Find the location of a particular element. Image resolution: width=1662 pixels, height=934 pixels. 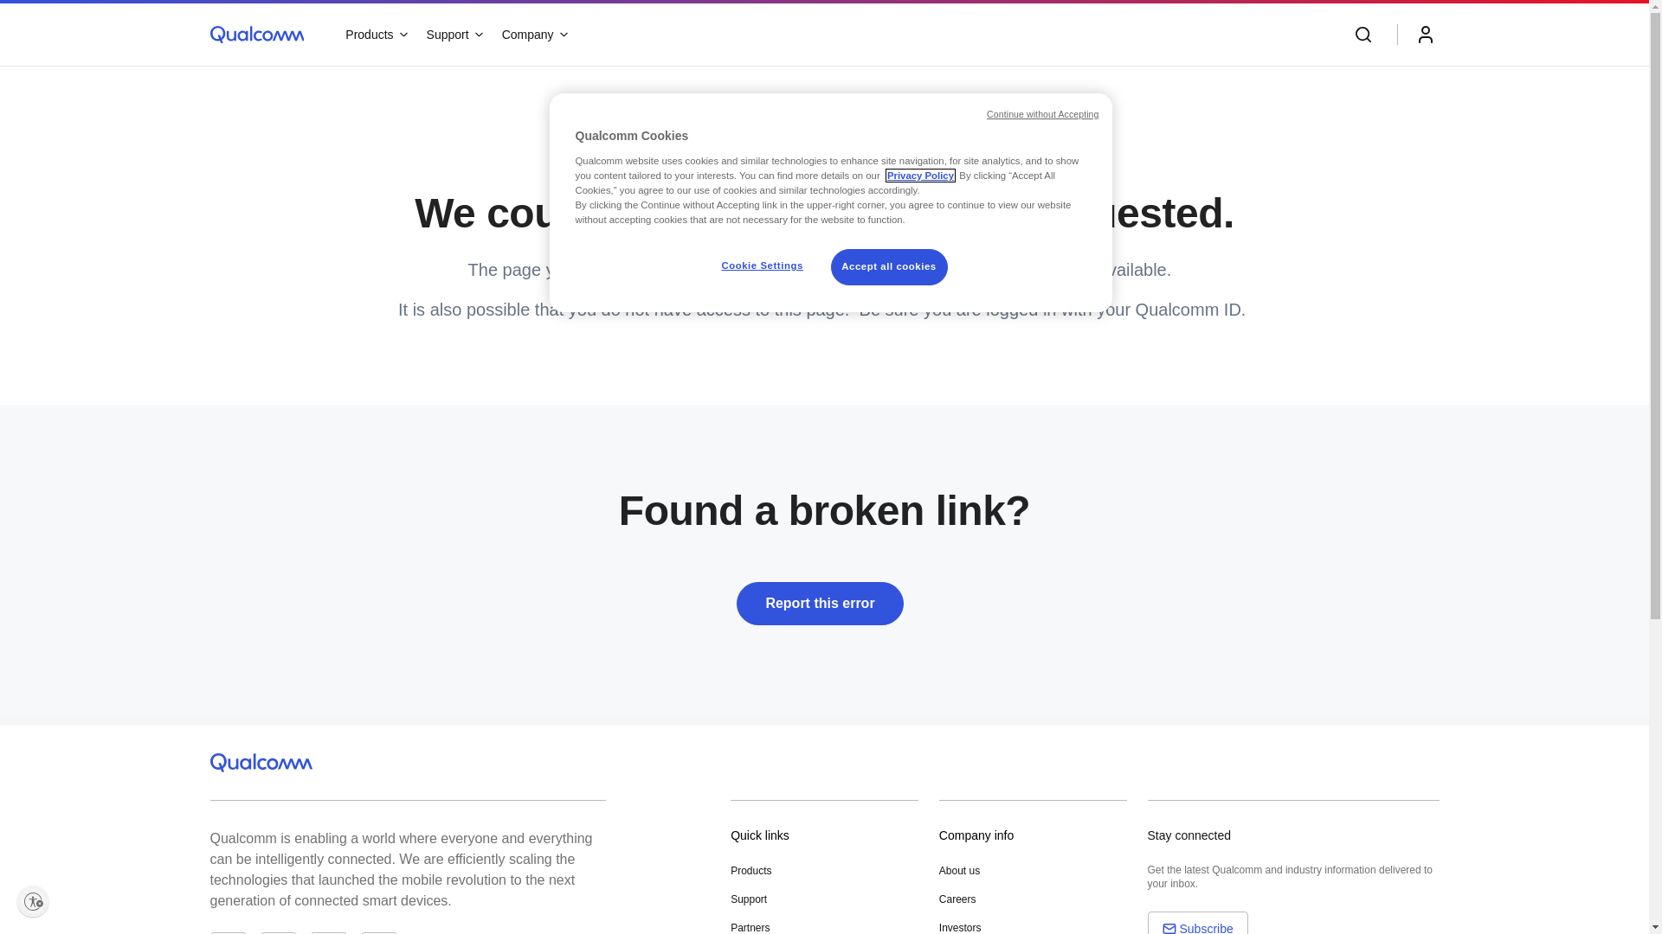

'Continue without Accepting' is located at coordinates (1041, 114).